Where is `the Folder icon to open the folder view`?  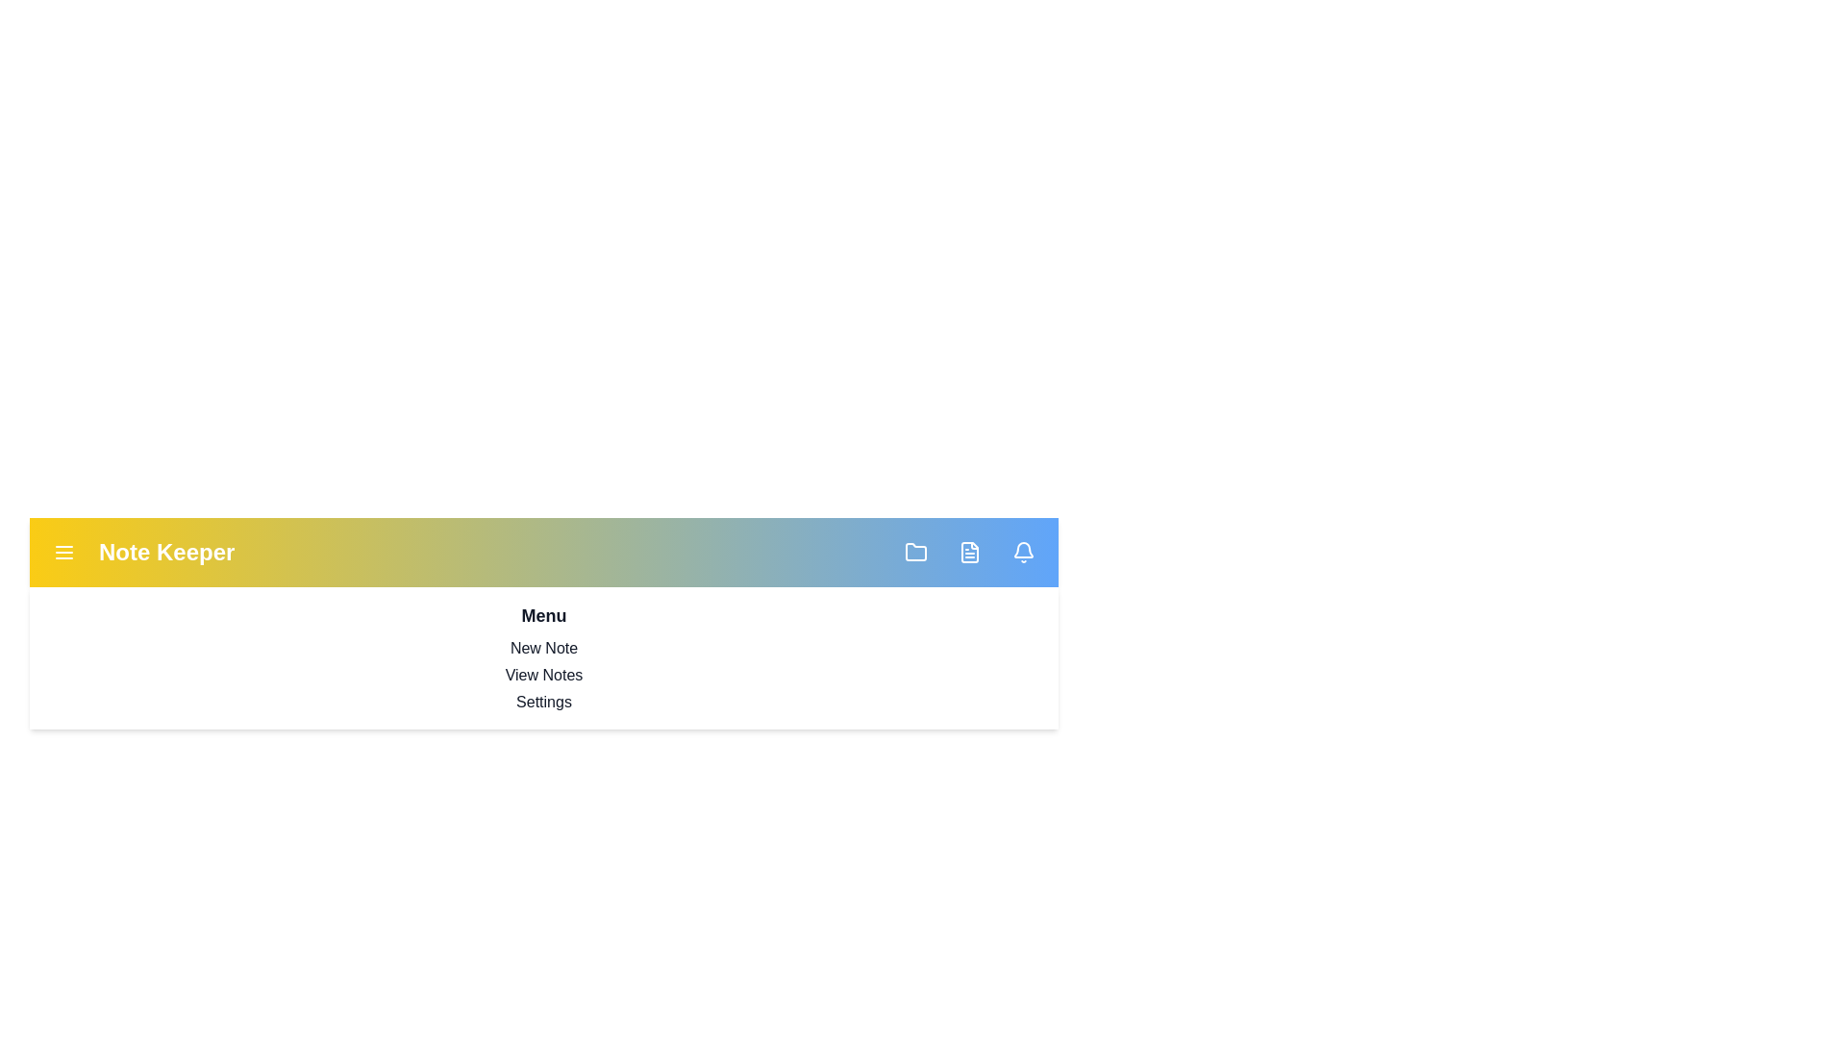 the Folder icon to open the folder view is located at coordinates (915, 552).